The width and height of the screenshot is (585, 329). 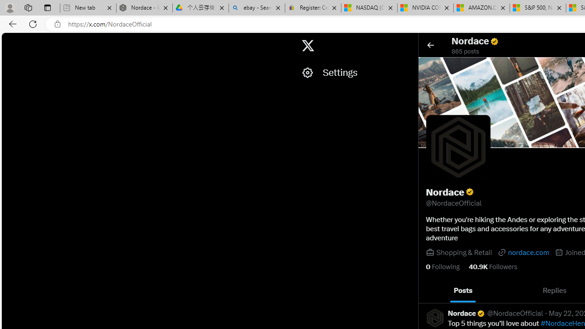 What do you see at coordinates (308, 46) in the screenshot?
I see `'X'` at bounding box center [308, 46].